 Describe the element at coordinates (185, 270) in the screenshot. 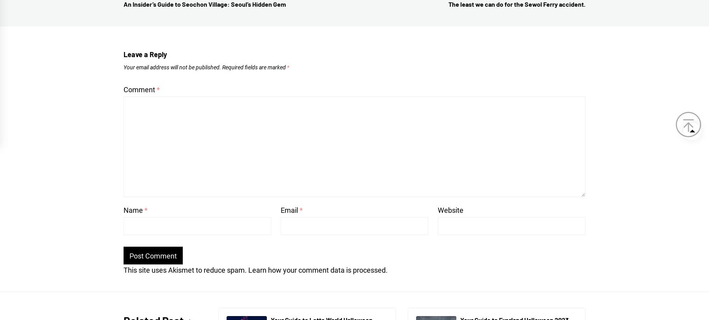

I see `'This site uses Akismet to reduce spam.'` at that location.